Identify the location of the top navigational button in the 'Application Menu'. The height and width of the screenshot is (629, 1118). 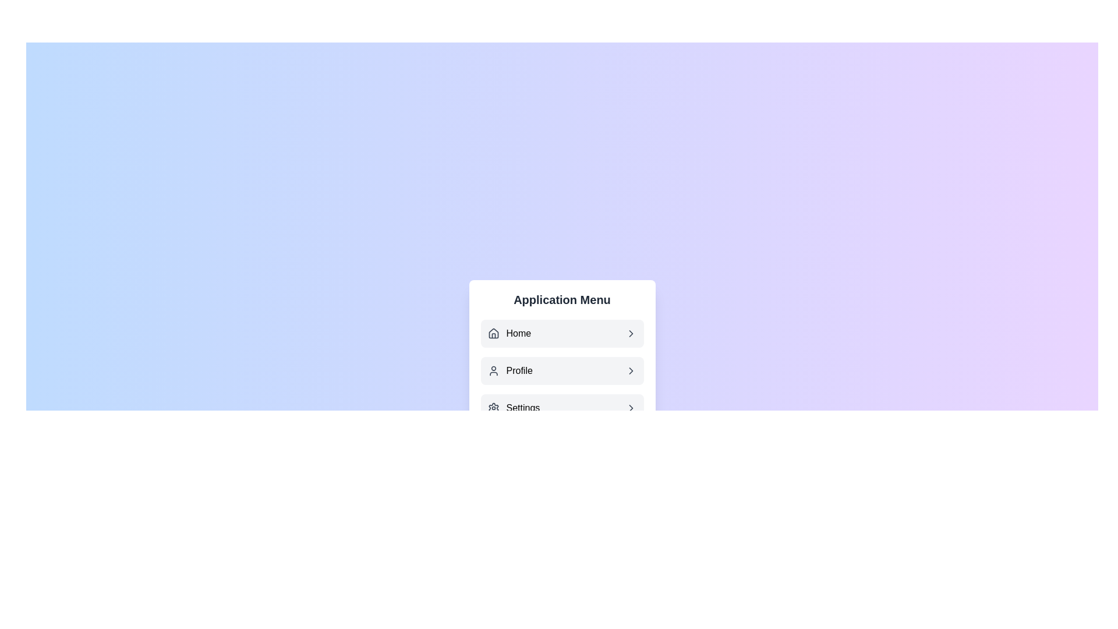
(562, 334).